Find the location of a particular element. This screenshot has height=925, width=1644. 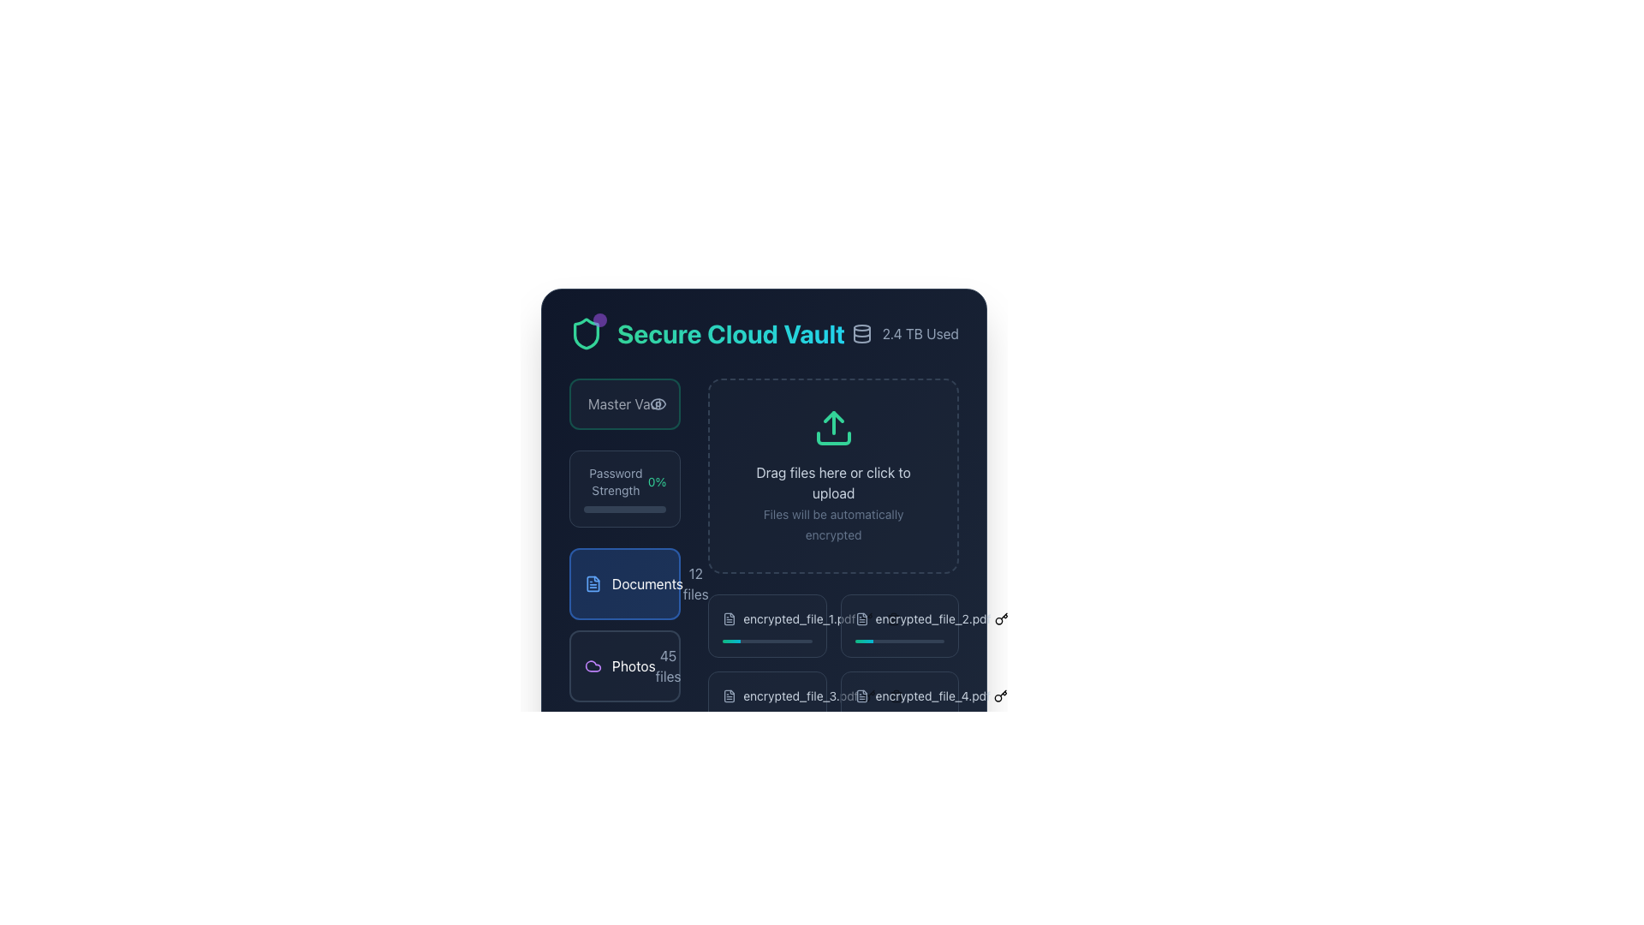

the trash can icon button located below the 'Documents' section to change its color to red is located at coordinates (892, 618).